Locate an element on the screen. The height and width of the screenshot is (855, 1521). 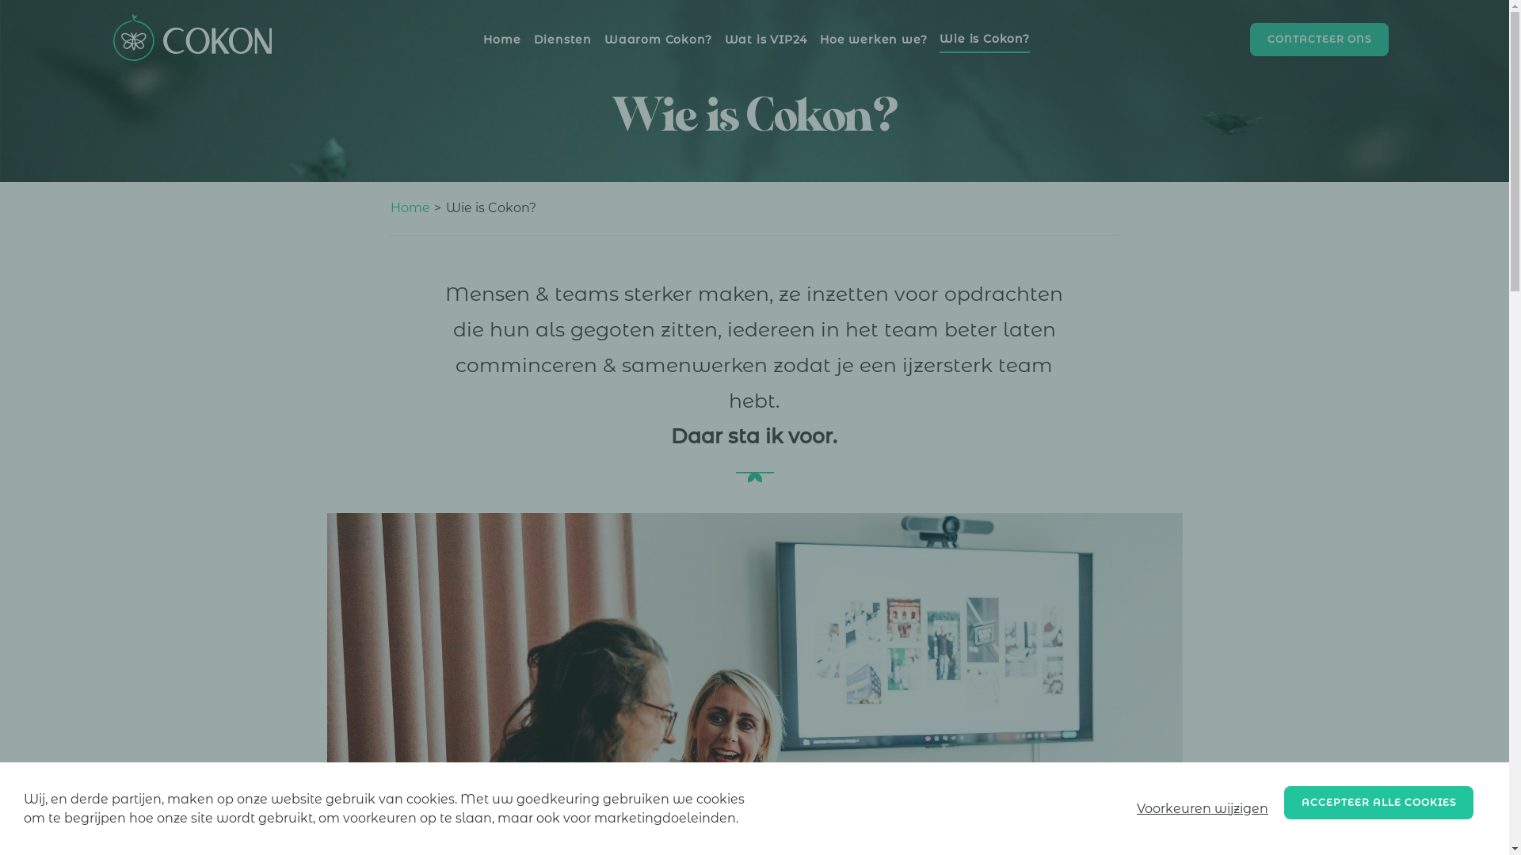
'CONTACTEER ONS' is located at coordinates (1319, 39).